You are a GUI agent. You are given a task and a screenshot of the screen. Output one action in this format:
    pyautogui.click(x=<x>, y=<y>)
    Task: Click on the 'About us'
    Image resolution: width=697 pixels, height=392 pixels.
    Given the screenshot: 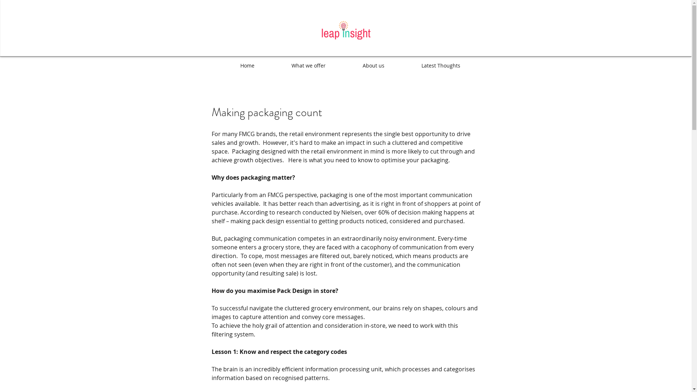 What is the action you would take?
    pyautogui.click(x=373, y=66)
    